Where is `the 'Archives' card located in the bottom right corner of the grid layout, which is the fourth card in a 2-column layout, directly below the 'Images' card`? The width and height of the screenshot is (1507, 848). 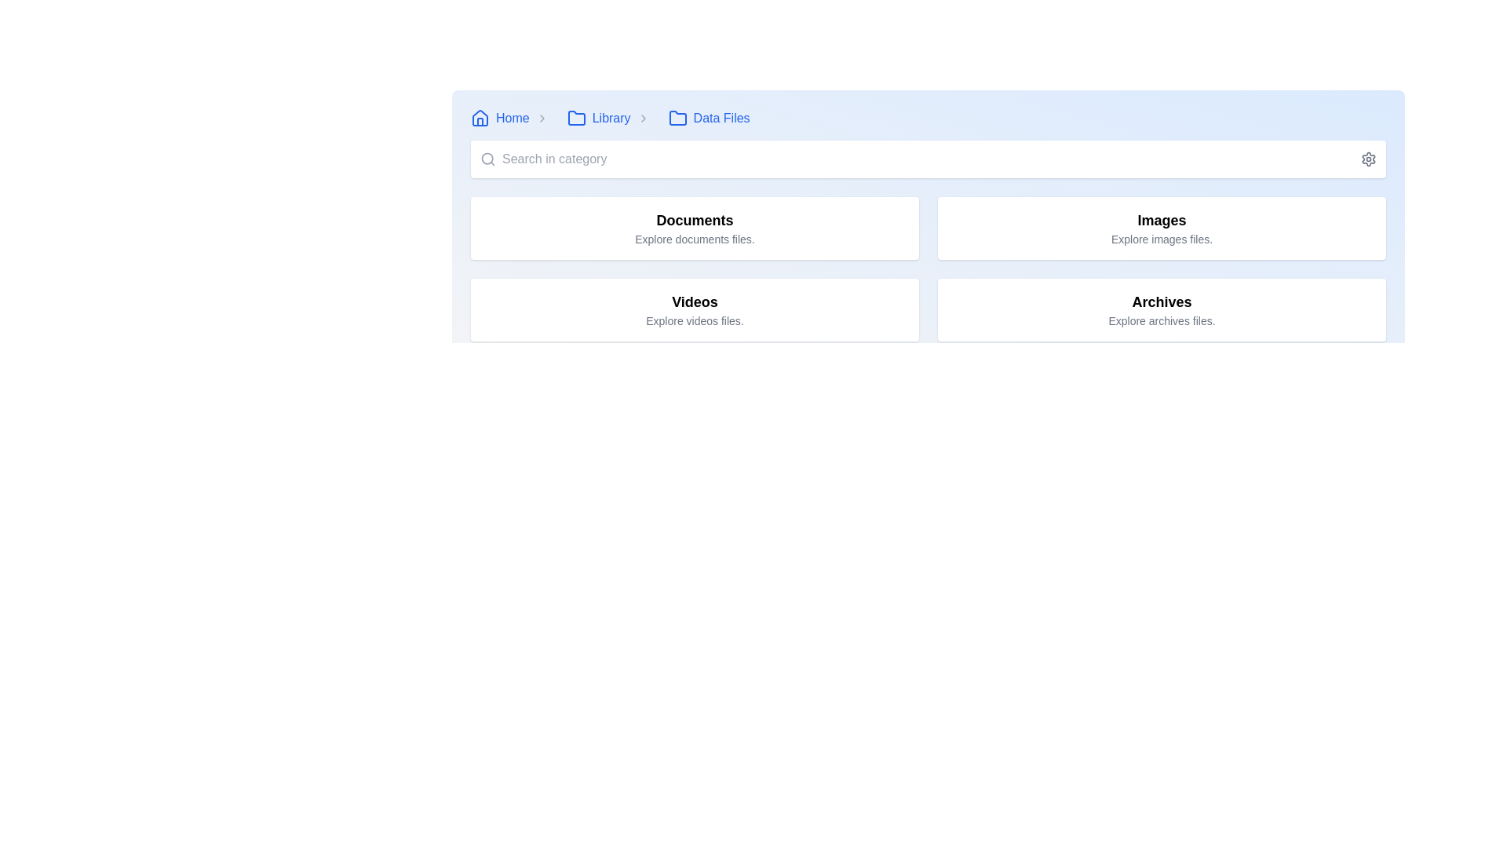
the 'Archives' card located in the bottom right corner of the grid layout, which is the fourth card in a 2-column layout, directly below the 'Images' card is located at coordinates (1162, 309).